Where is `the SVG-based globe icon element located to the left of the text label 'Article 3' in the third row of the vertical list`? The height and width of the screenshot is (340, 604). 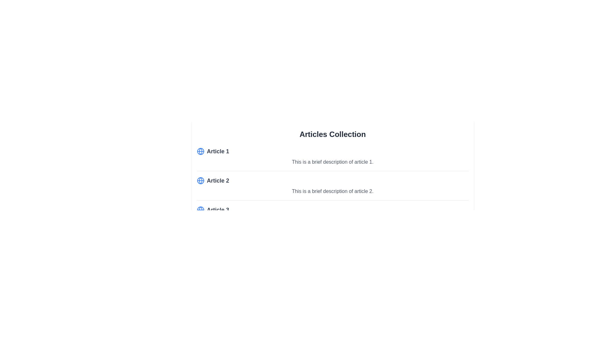
the SVG-based globe icon element located to the left of the text label 'Article 3' in the third row of the vertical list is located at coordinates (200, 210).